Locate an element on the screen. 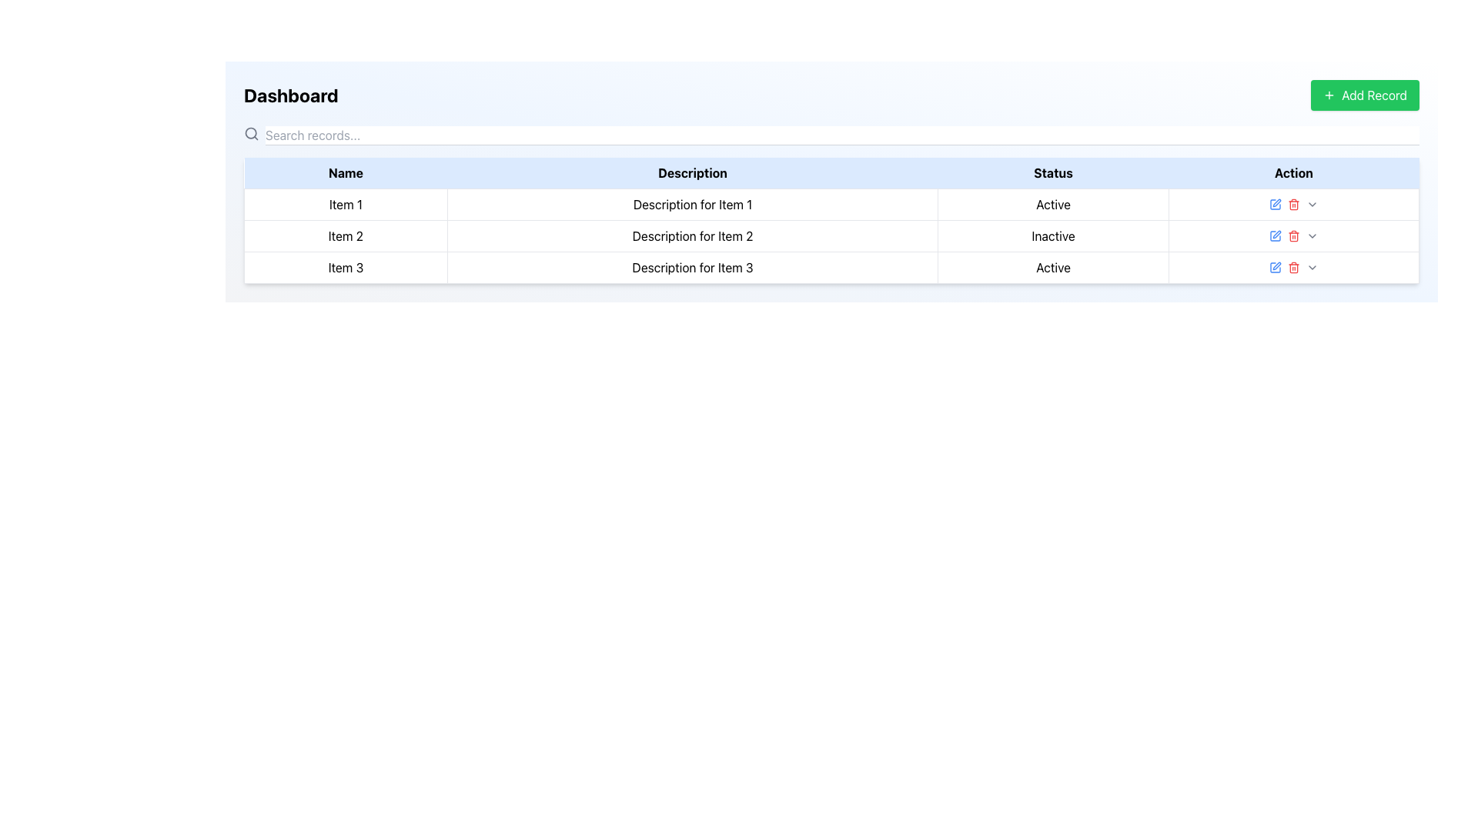  the center of the '+' icon located inside the 'Add Record' button at the top right corner of the interface is located at coordinates (1329, 95).